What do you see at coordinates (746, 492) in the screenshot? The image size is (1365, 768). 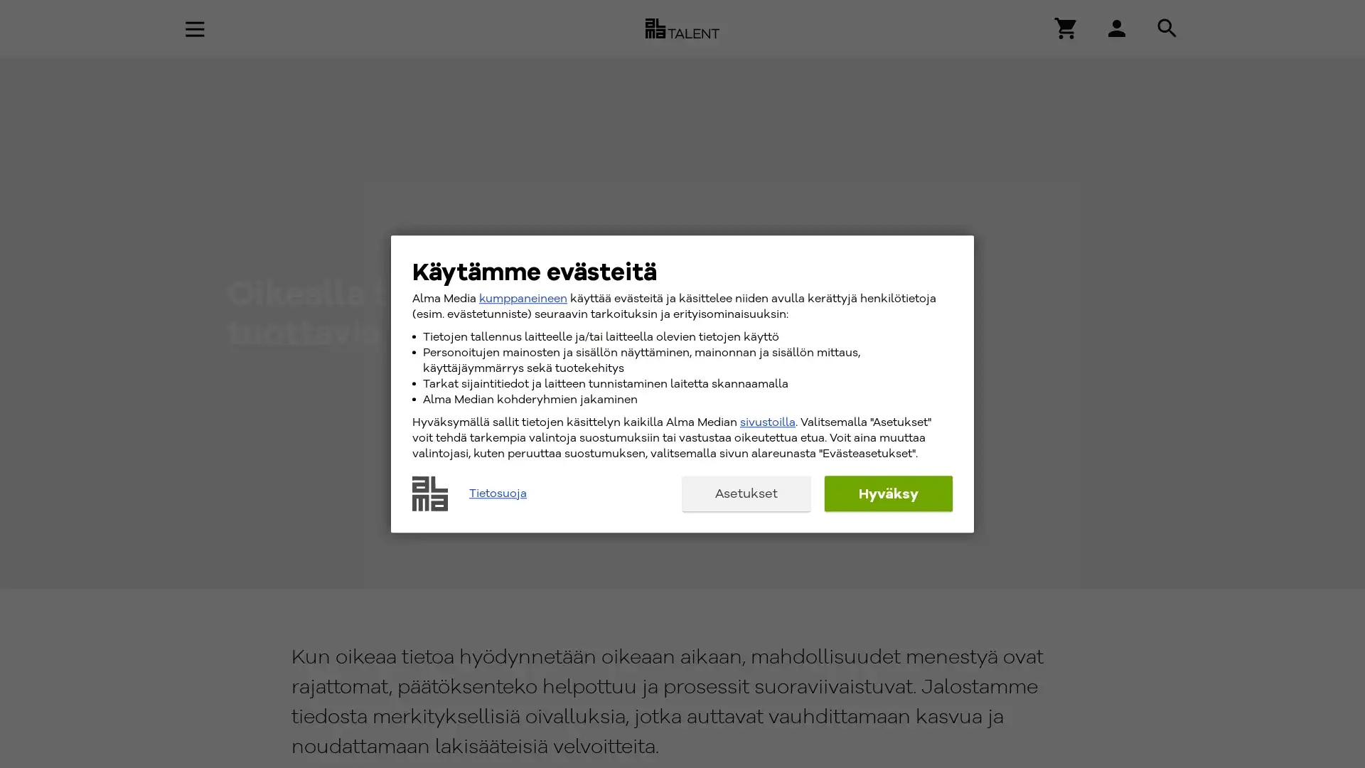 I see `Asetukset` at bounding box center [746, 492].